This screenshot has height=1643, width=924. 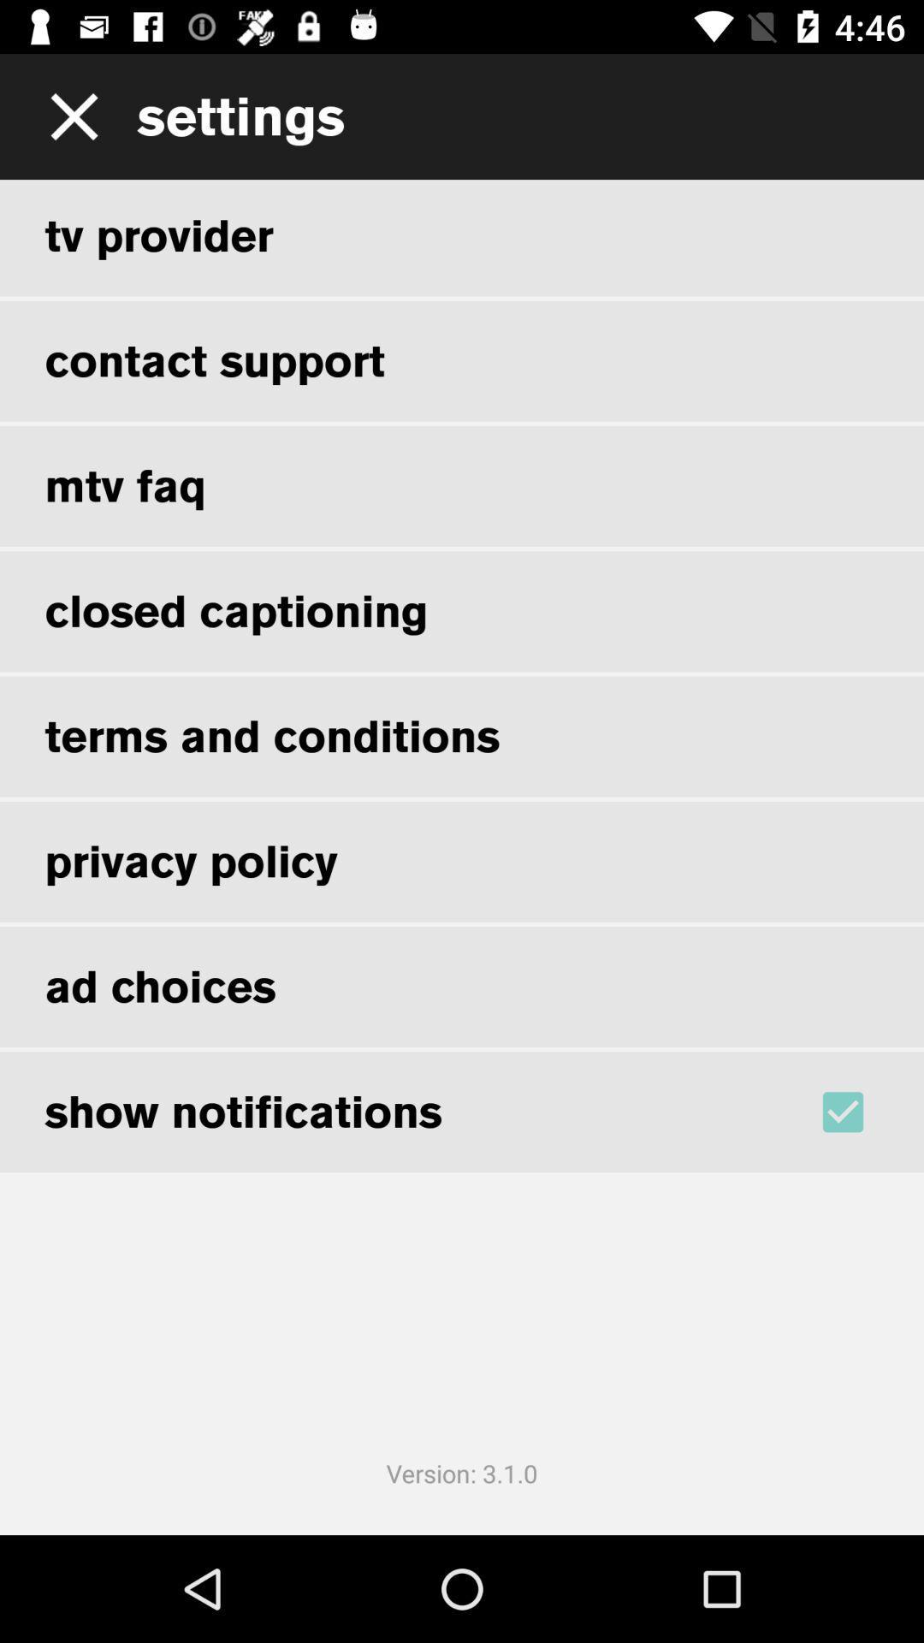 I want to click on the window, so click(x=68, y=116).